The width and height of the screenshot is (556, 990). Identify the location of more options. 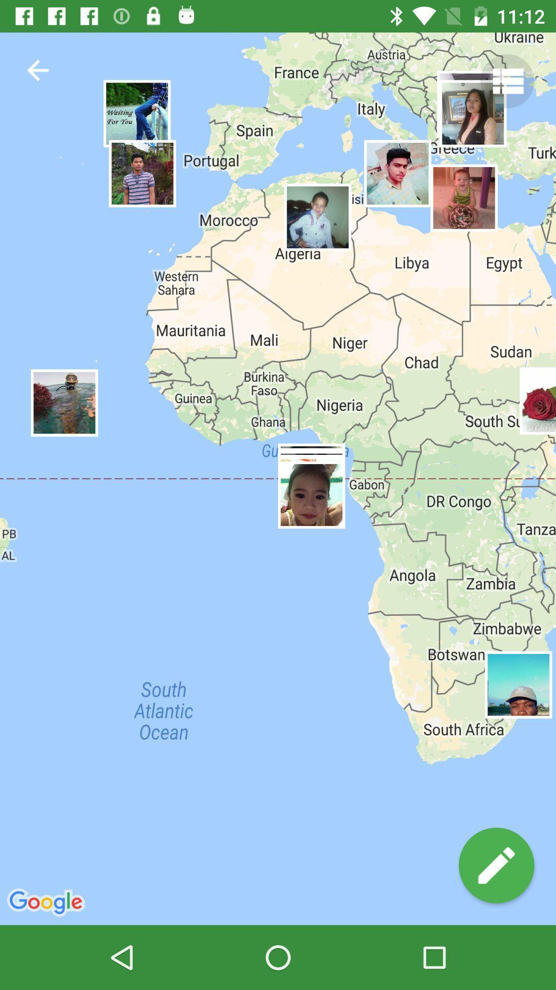
(507, 80).